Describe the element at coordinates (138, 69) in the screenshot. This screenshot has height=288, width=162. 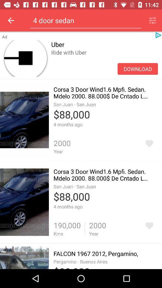
I see `the item below uber` at that location.